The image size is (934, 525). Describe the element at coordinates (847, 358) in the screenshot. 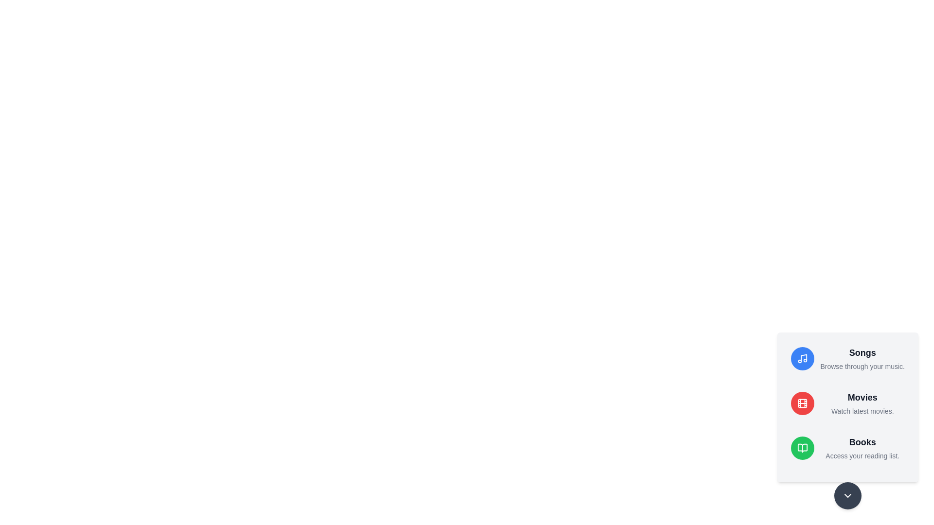

I see `the media option Songs to read its description` at that location.